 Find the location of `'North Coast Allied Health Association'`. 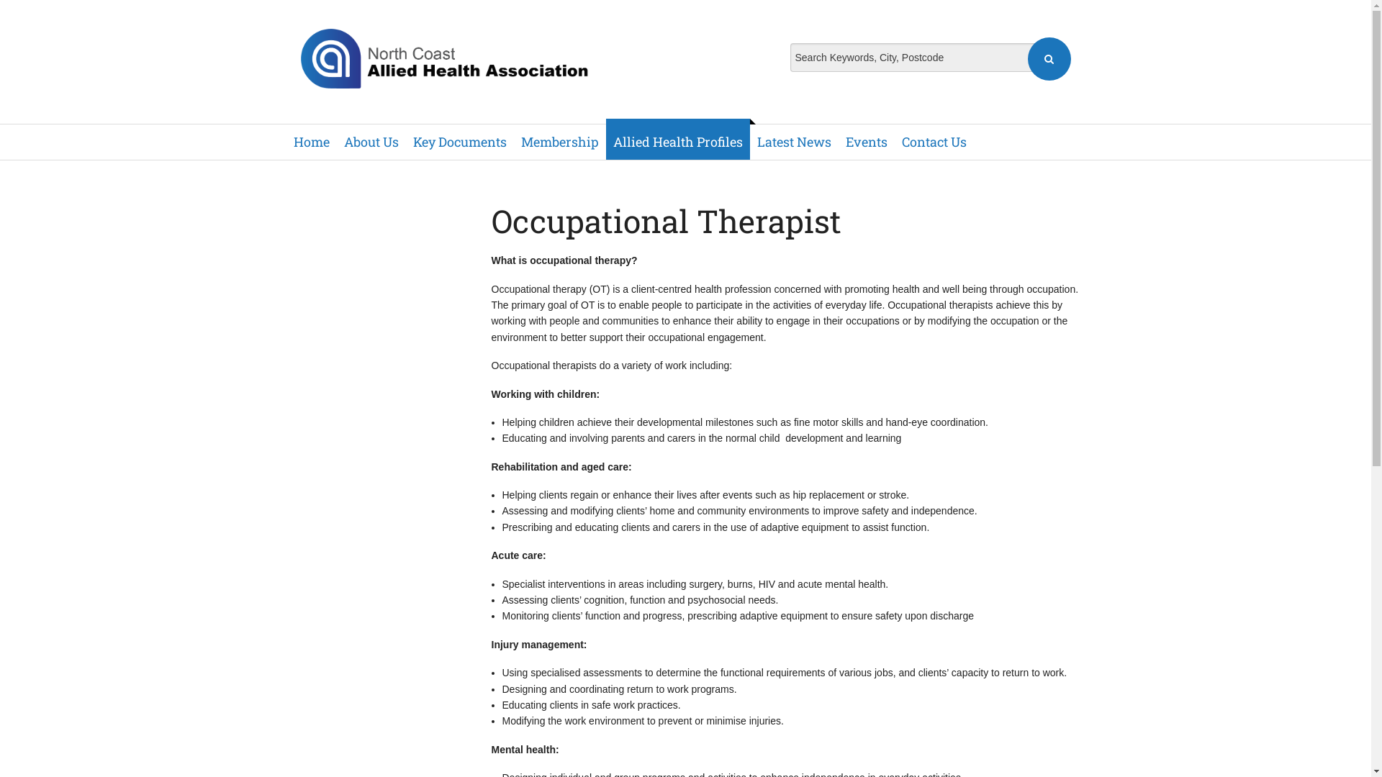

'North Coast Allied Health Association' is located at coordinates (444, 58).